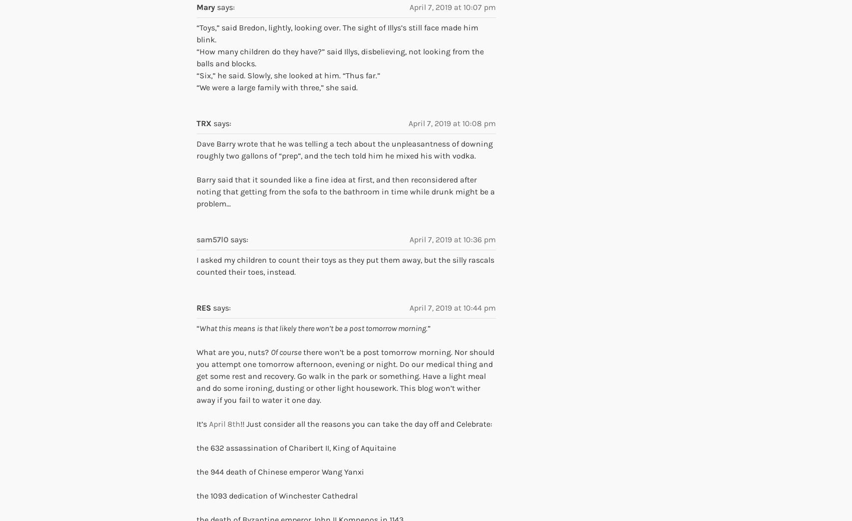  What do you see at coordinates (233, 351) in the screenshot?
I see `'What are you, nuts?'` at bounding box center [233, 351].